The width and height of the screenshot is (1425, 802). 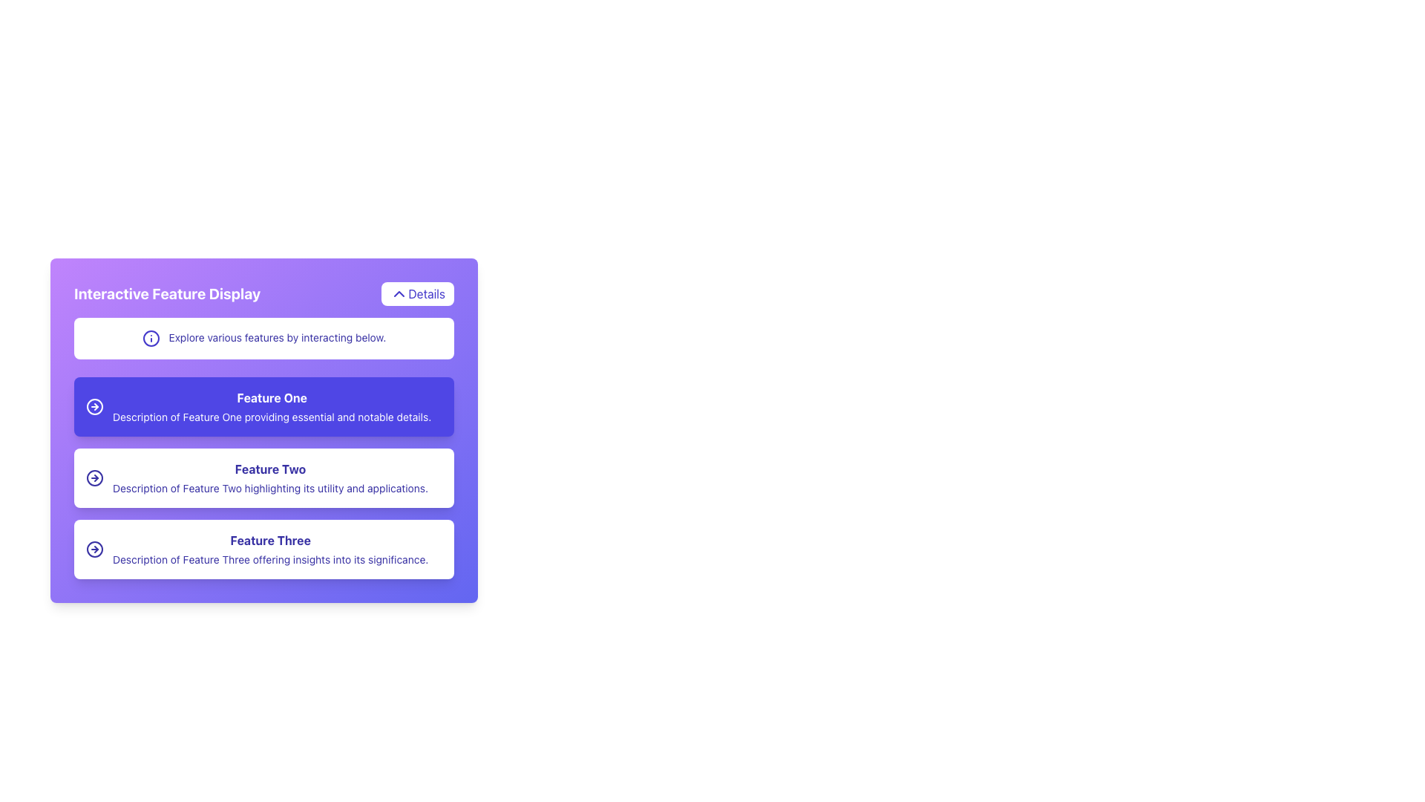 I want to click on the element that displays the title 'Feature One' along with its description, visually separated by a purple rectangular background, located in the interactive feature display pane, so click(x=272, y=406).